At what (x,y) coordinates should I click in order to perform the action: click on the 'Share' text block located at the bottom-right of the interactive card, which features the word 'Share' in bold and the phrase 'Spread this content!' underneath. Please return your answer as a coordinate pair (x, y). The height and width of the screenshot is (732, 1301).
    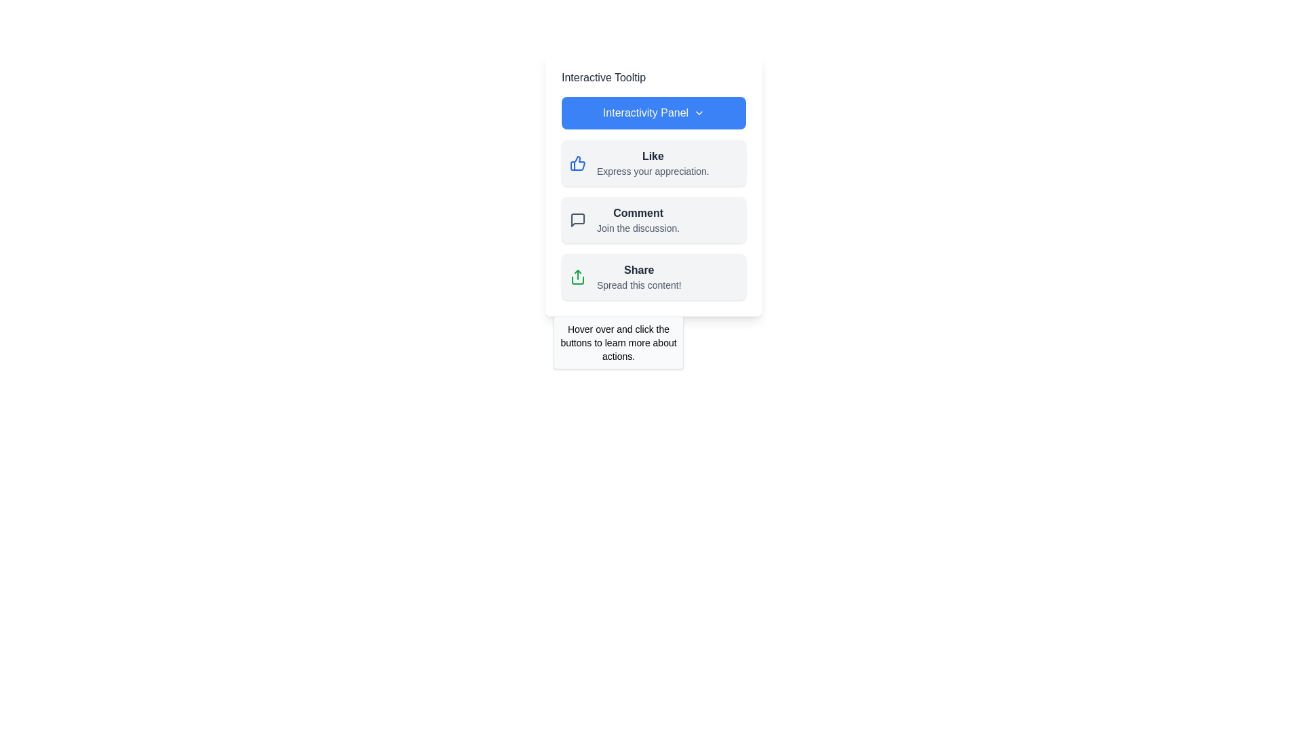
    Looking at the image, I should click on (638, 276).